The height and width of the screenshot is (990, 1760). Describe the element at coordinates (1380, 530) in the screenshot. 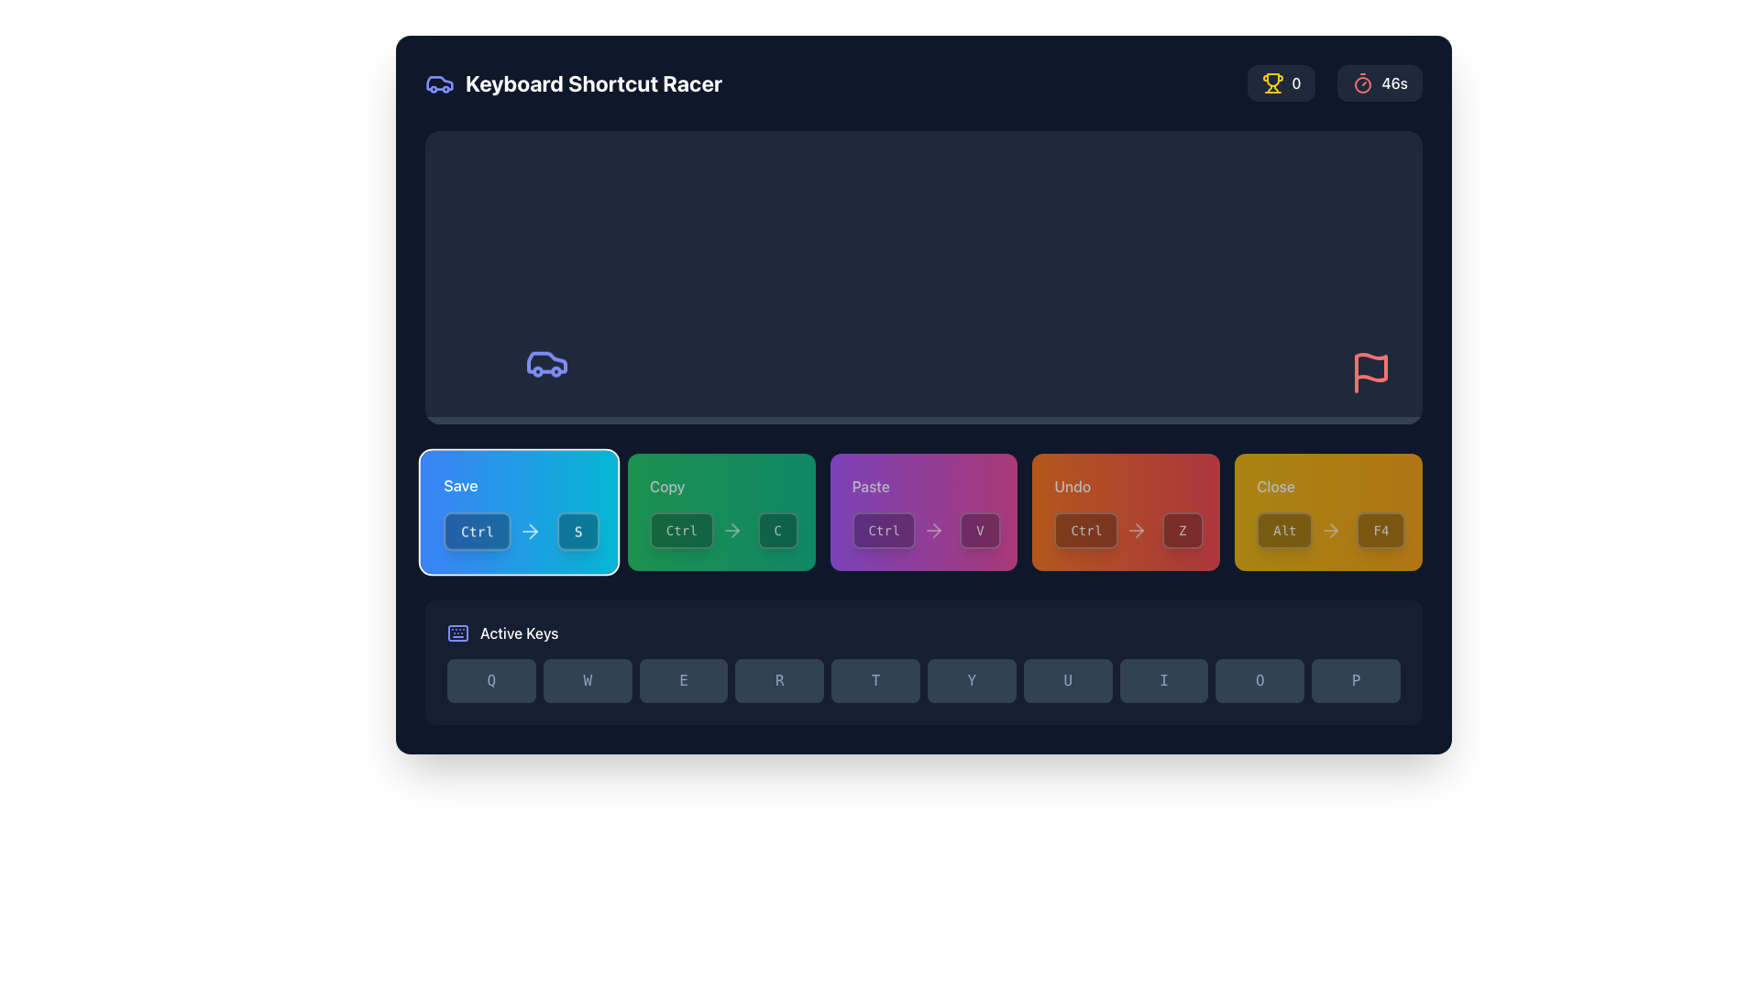

I see `the 'F4' button, which is a rectangular button with a golden brown background and white text, positioned next to the 'Alt' button in the 'Close' group of controls` at that location.